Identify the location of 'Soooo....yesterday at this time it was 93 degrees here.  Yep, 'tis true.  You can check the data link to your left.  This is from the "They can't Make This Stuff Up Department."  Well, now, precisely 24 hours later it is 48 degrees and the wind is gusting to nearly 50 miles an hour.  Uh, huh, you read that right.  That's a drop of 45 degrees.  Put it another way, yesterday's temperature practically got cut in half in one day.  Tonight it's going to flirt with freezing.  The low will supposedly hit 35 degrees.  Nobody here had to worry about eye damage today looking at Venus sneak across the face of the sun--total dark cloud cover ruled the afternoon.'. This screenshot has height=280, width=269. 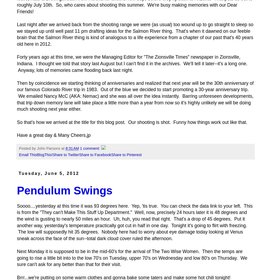
(134, 222).